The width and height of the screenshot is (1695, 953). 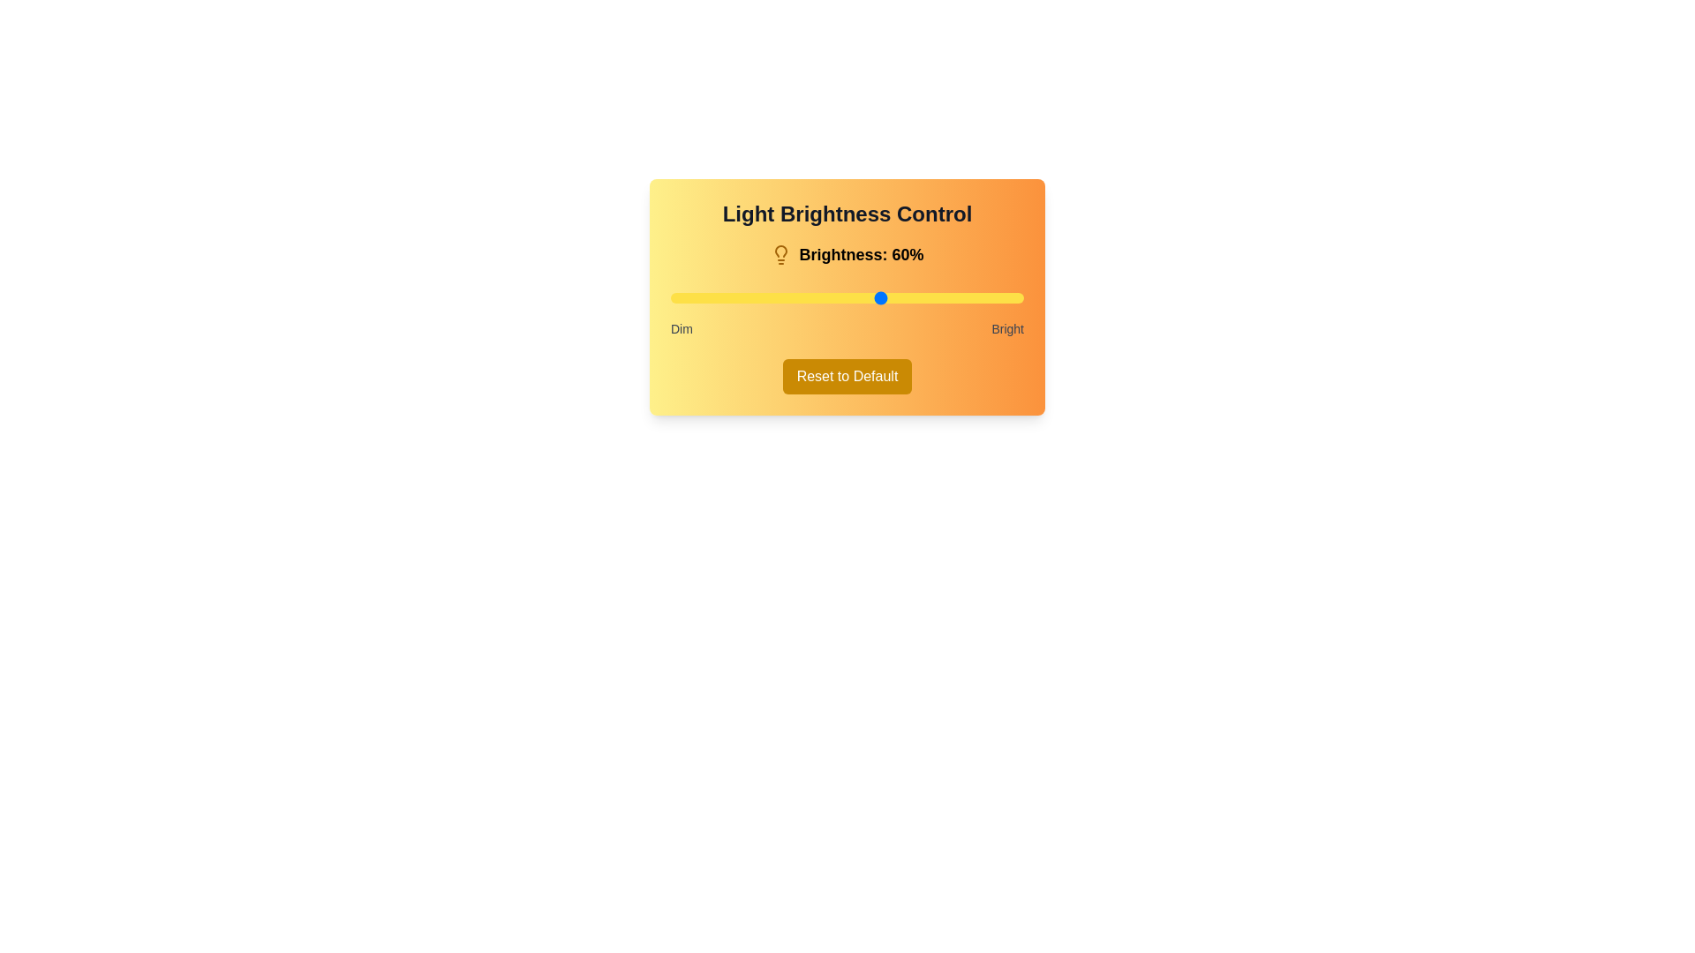 I want to click on the brightness to 51% using the slider, so click(x=851, y=297).